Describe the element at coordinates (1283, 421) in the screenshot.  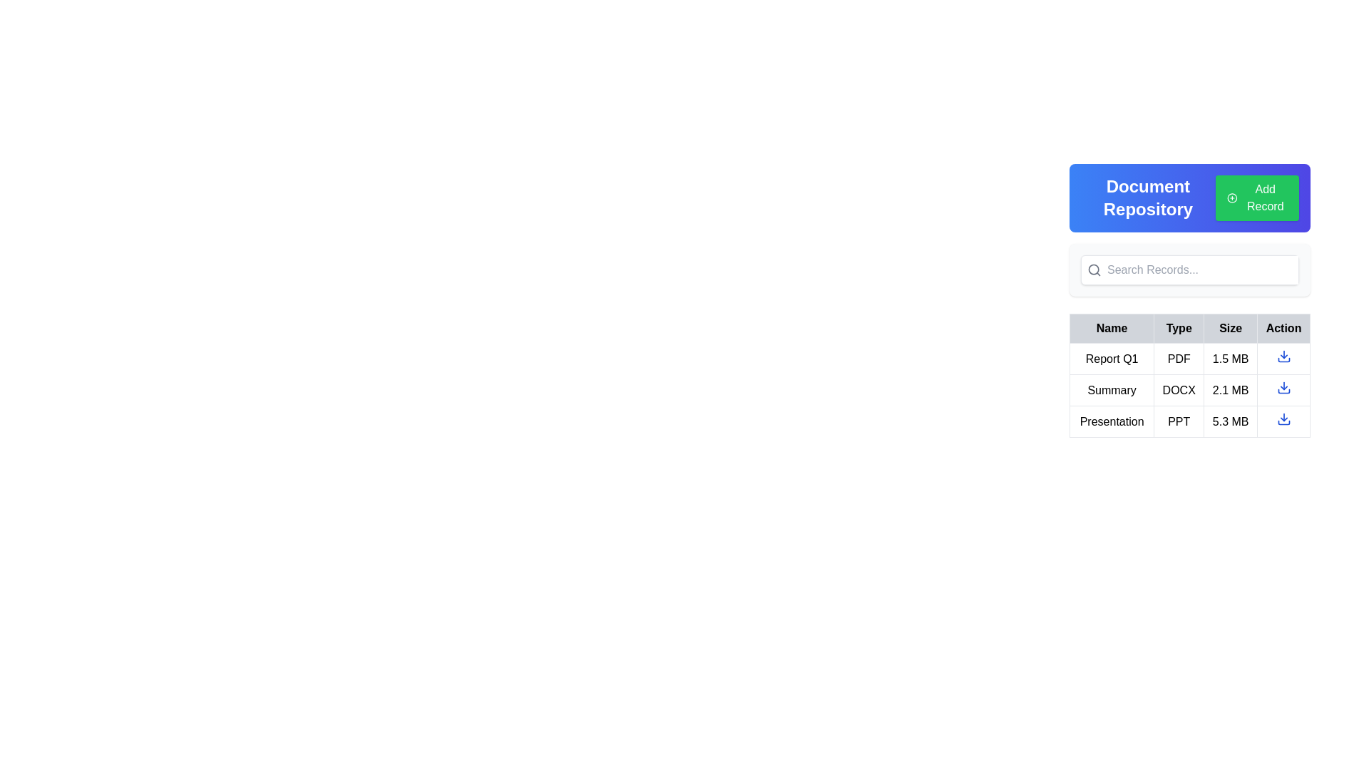
I see `the download IconButton located in the Action column corresponding to the Presentation entry in the table` at that location.